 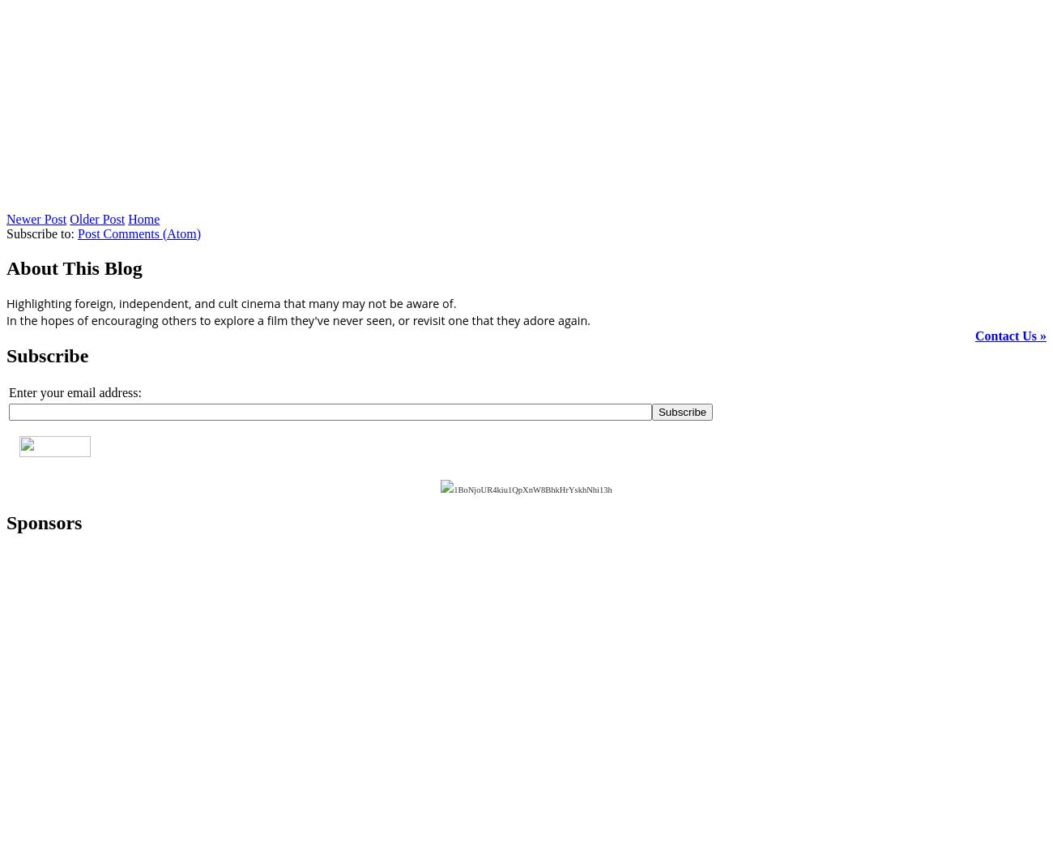 I want to click on 'Subscribe to:', so click(x=41, y=232).